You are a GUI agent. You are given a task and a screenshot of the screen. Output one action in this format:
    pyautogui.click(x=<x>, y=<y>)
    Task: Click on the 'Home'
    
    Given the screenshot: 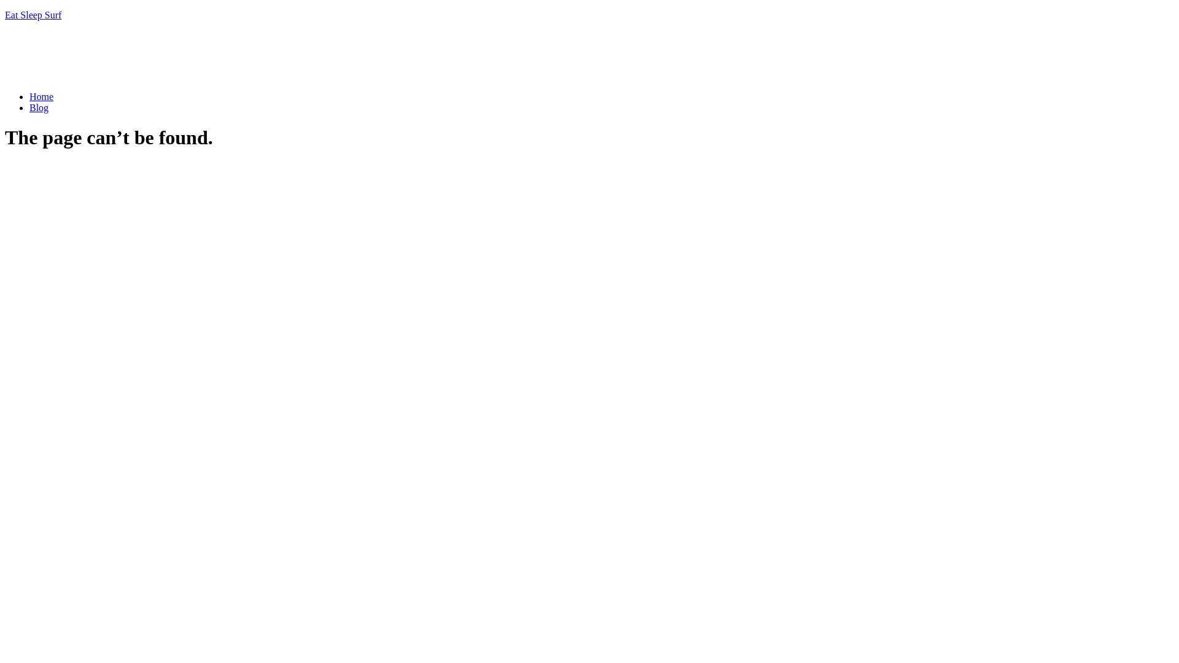 What is the action you would take?
    pyautogui.click(x=41, y=96)
    